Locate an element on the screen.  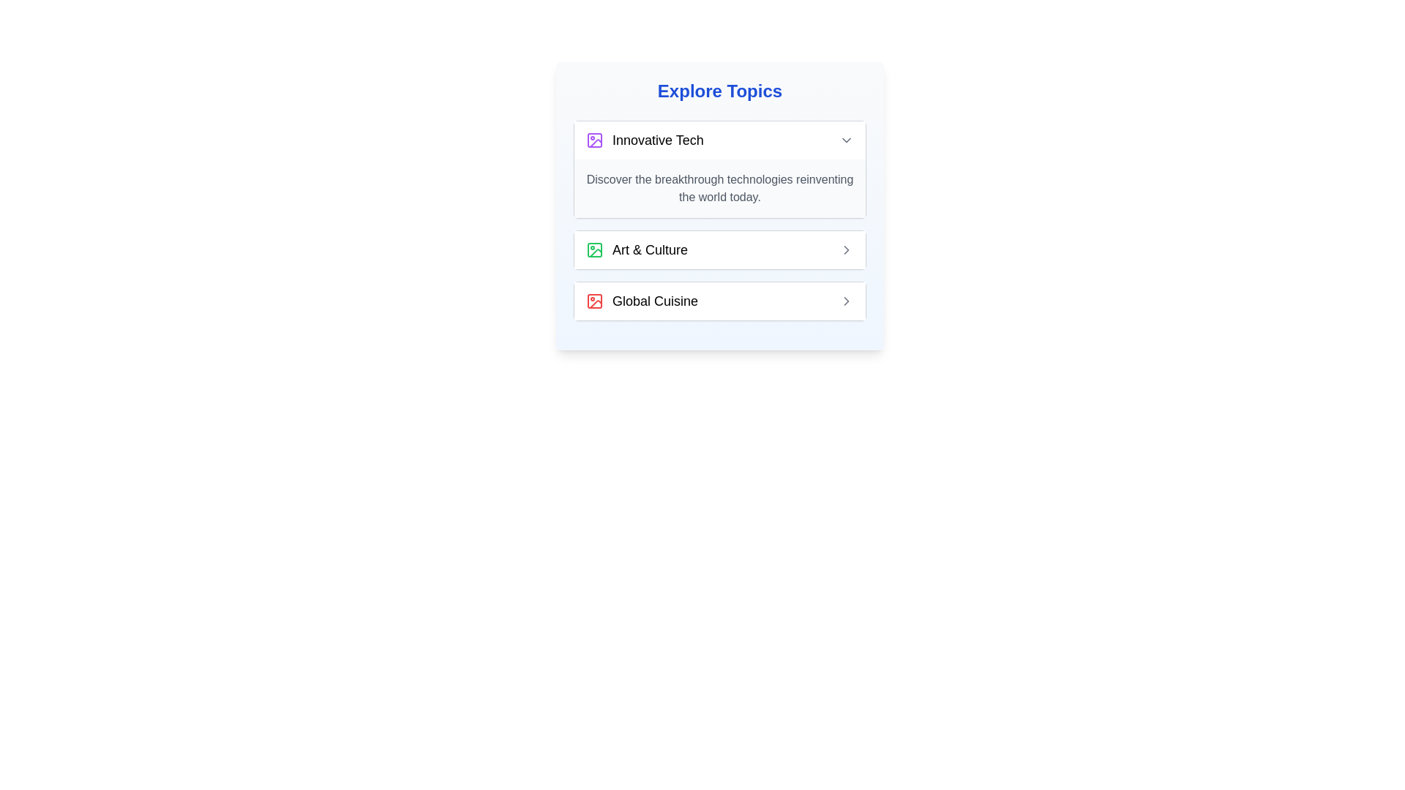
the red SVG-based image icon that represents a placeholder image, located to the left of the text 'Global Cuisine' is located at coordinates (594, 301).